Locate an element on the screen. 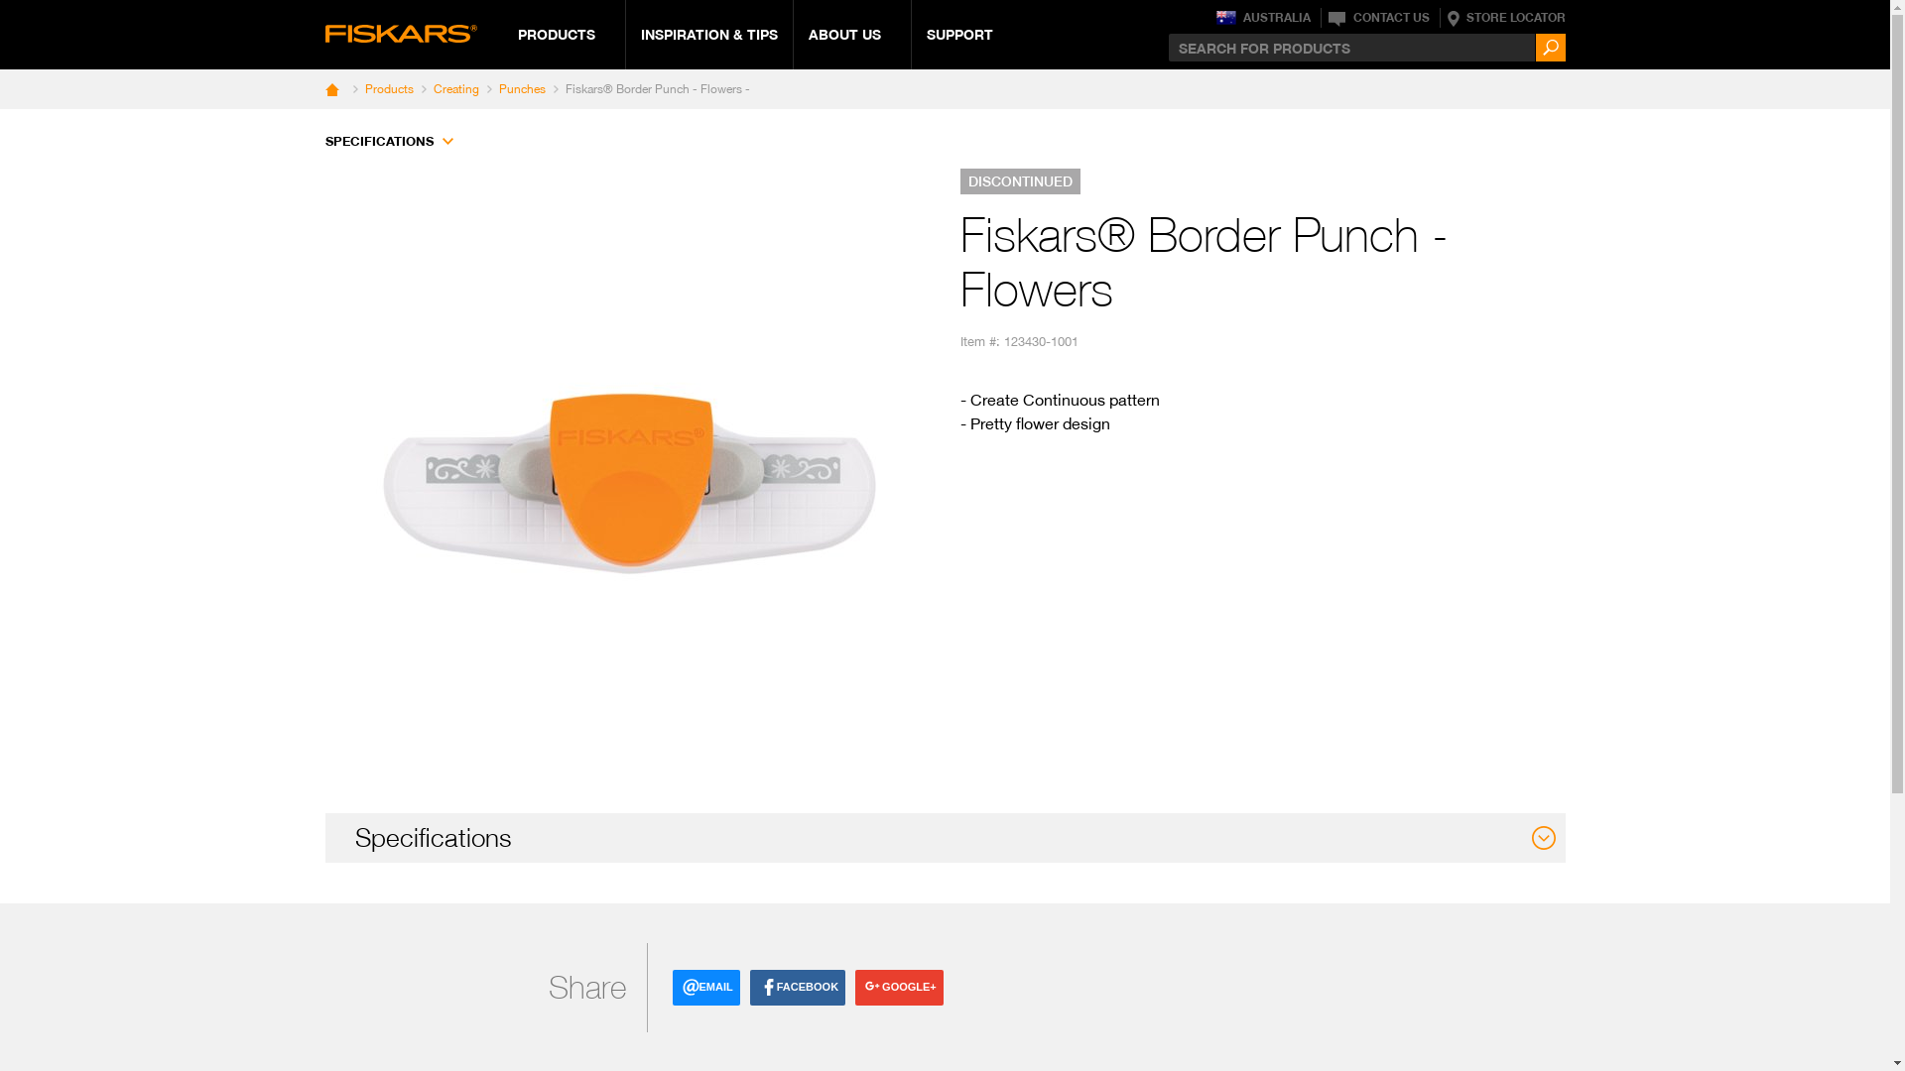 The image size is (1905, 1071). 'INSPIRATION & TIPS' is located at coordinates (709, 34).